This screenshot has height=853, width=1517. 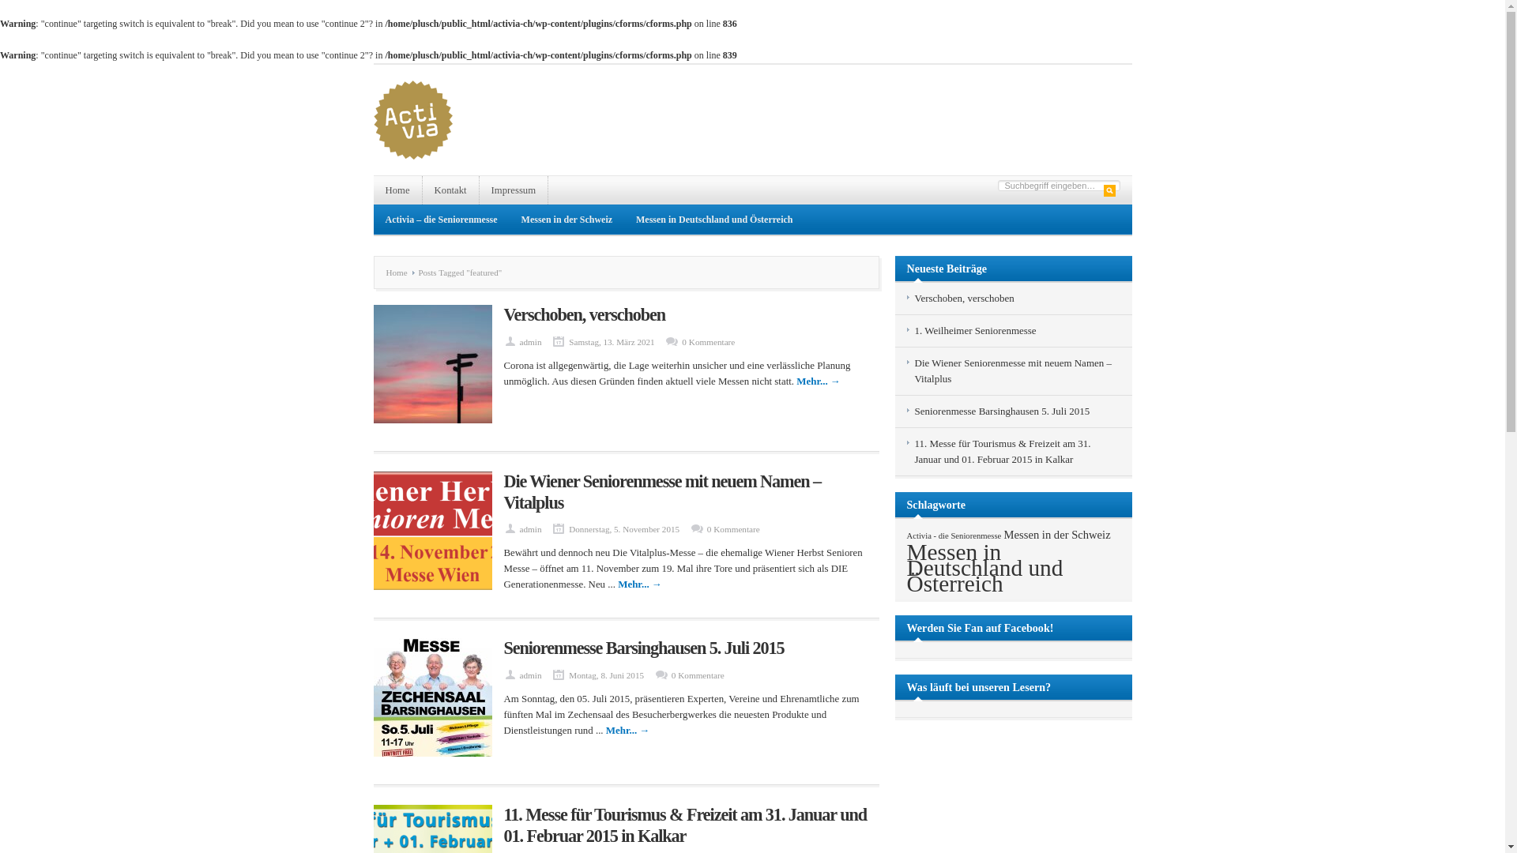 I want to click on 'Home', so click(x=397, y=189).